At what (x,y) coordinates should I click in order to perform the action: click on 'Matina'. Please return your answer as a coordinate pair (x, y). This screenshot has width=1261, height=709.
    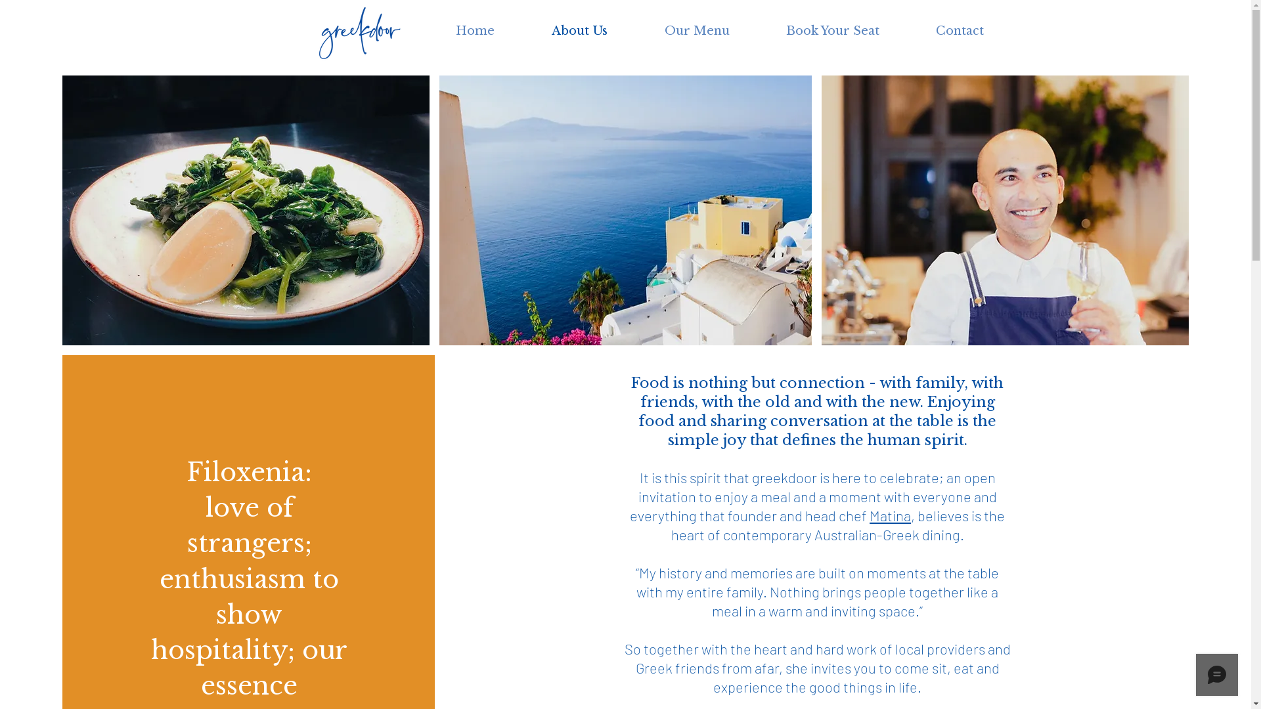
    Looking at the image, I should click on (890, 515).